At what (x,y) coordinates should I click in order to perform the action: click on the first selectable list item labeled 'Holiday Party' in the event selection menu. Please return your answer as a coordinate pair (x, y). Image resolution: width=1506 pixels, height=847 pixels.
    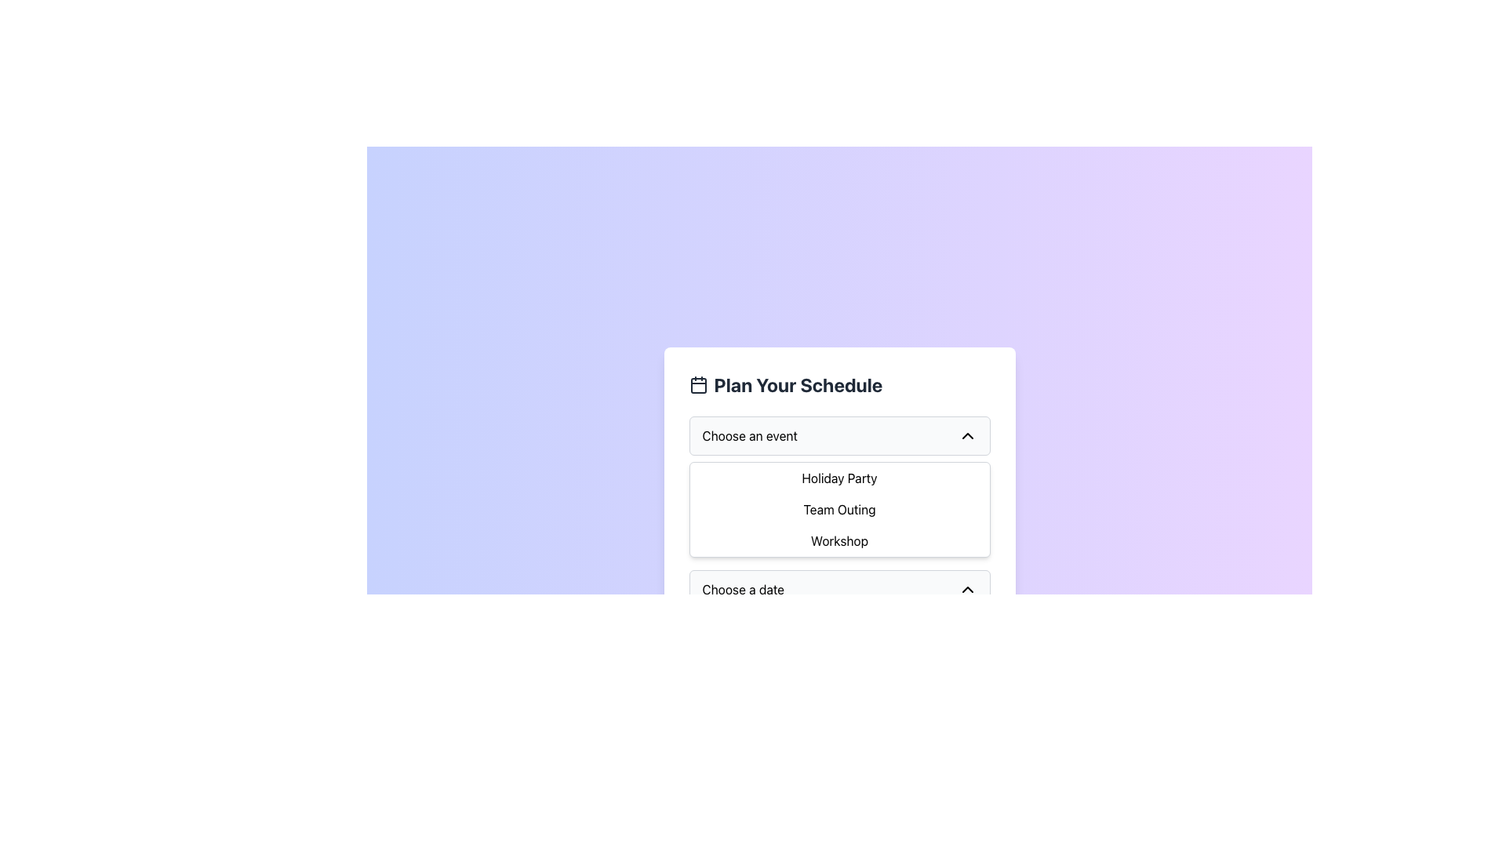
    Looking at the image, I should click on (838, 477).